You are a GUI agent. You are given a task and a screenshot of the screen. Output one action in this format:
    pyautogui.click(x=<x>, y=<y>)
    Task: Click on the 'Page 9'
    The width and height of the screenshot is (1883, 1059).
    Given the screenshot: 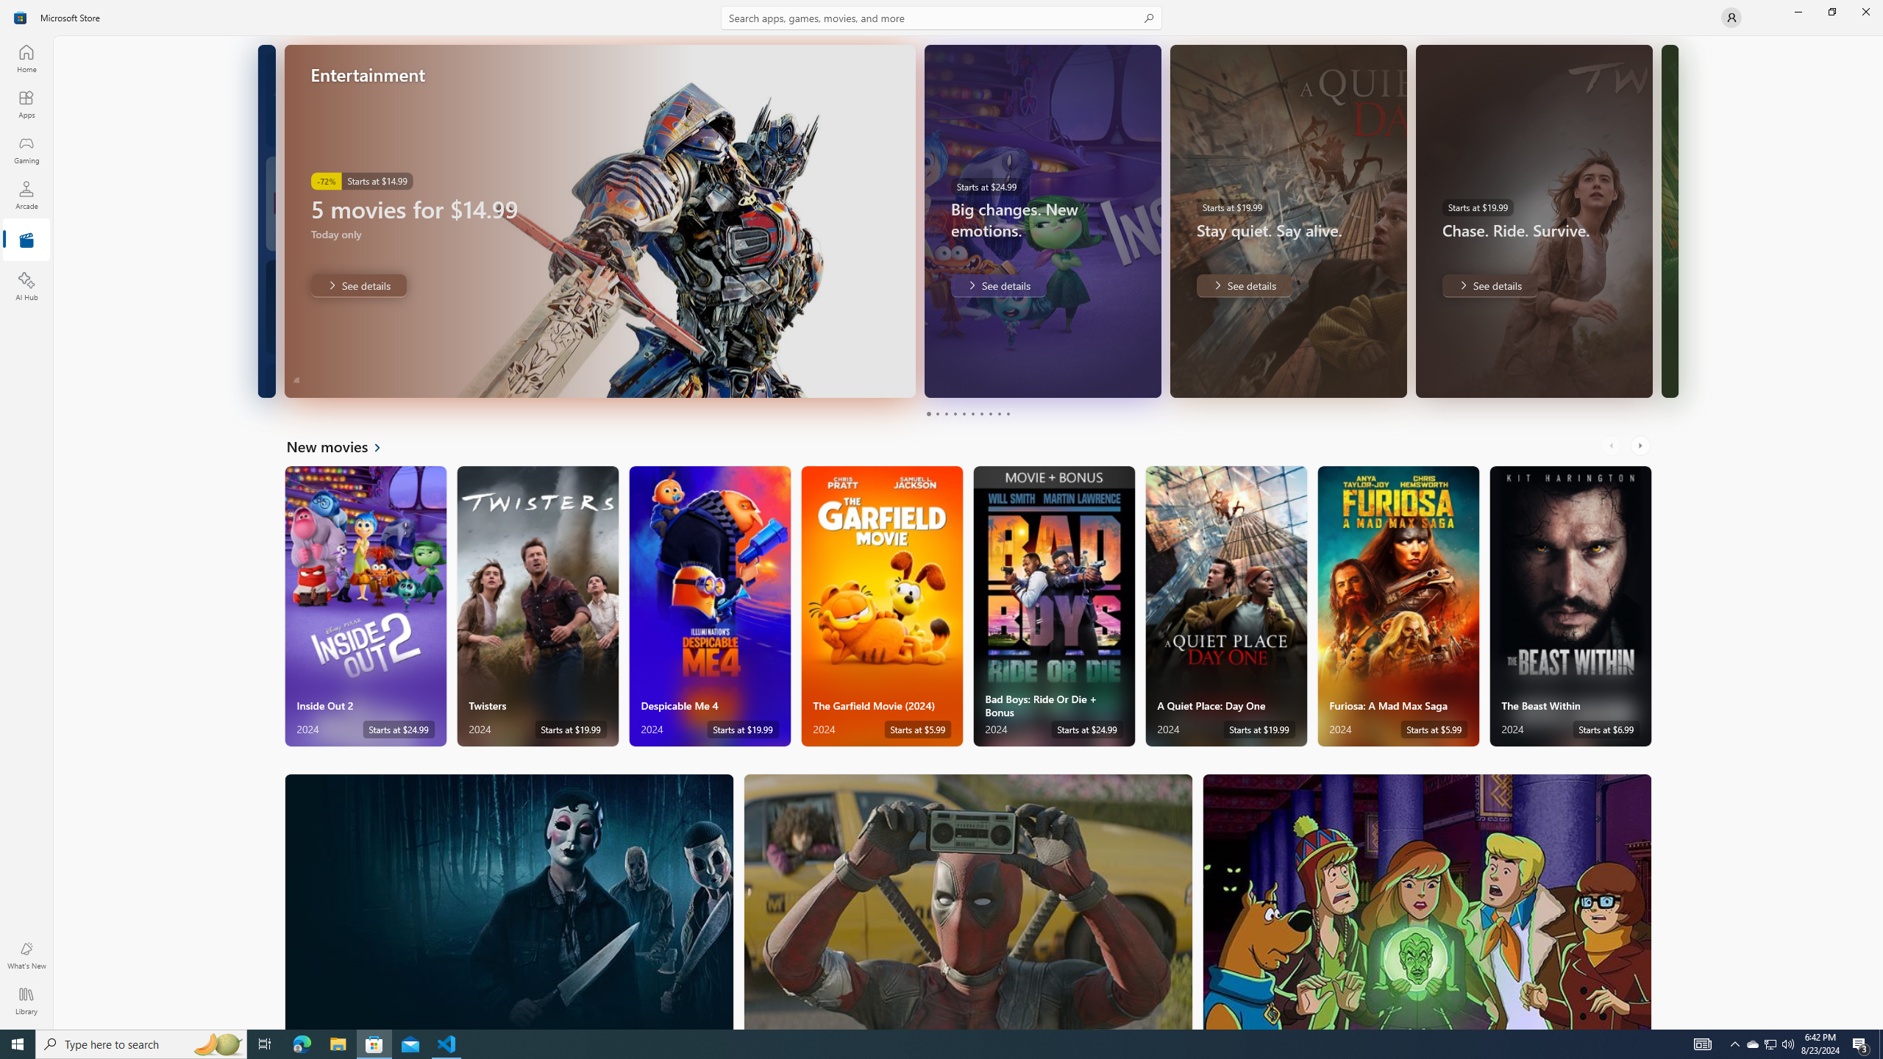 What is the action you would take?
    pyautogui.click(x=998, y=413)
    